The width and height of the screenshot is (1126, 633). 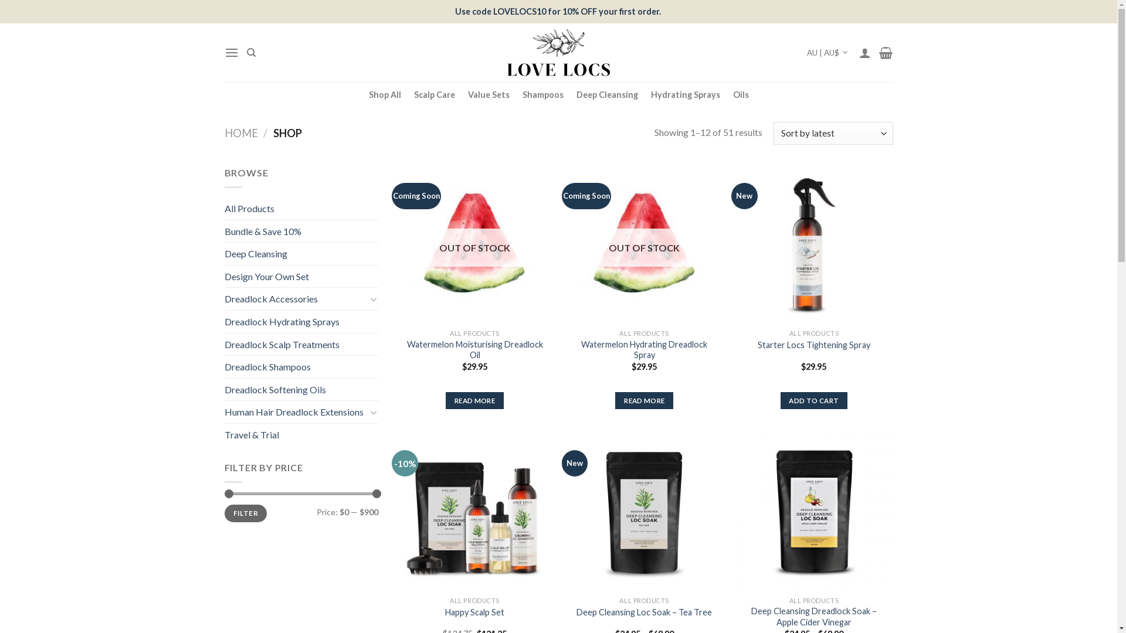 What do you see at coordinates (301, 343) in the screenshot?
I see `'Dreadlock Scalp Treatments'` at bounding box center [301, 343].